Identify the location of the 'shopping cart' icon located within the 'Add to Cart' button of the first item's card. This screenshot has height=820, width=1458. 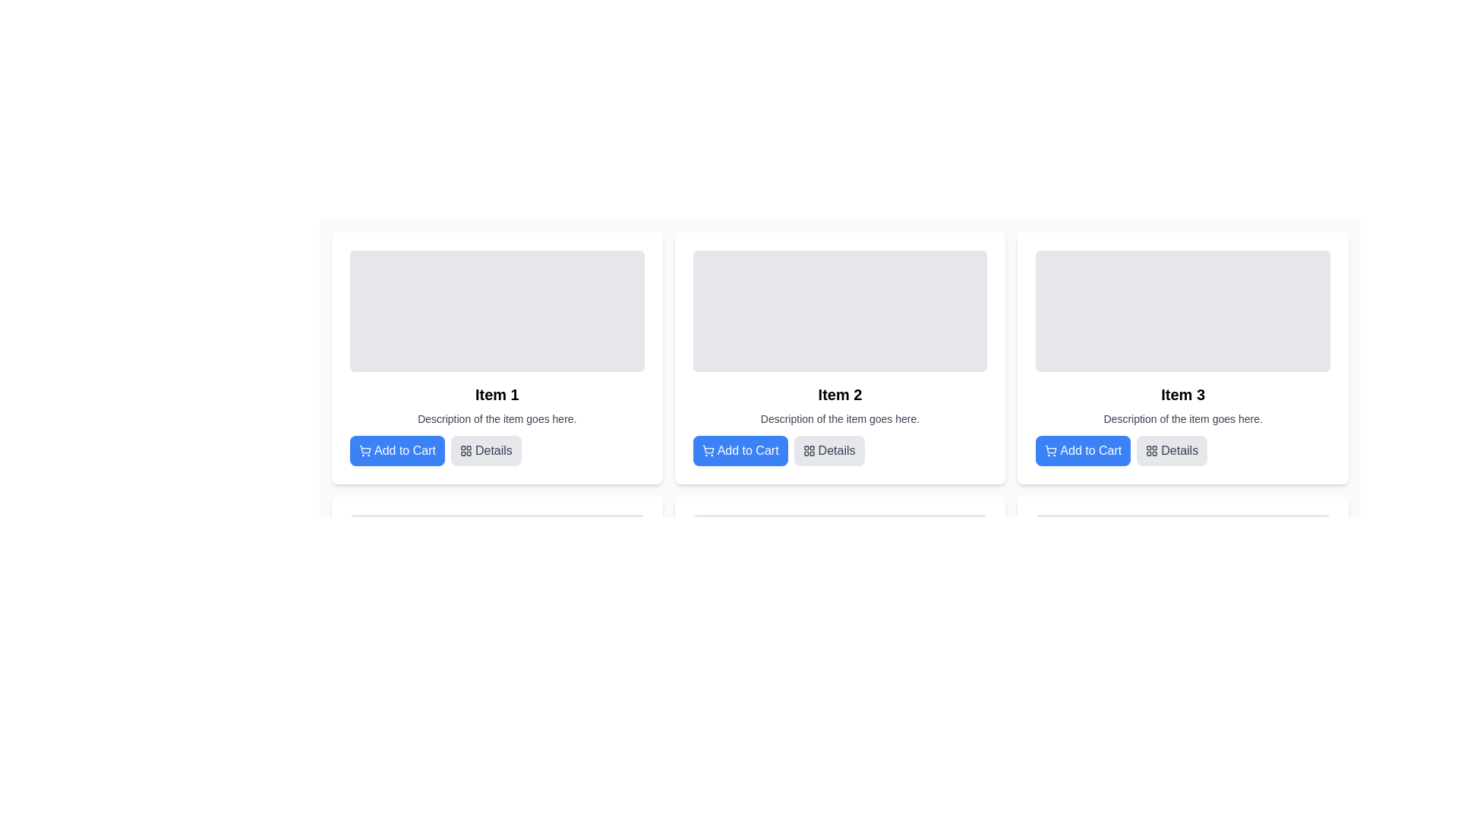
(364, 449).